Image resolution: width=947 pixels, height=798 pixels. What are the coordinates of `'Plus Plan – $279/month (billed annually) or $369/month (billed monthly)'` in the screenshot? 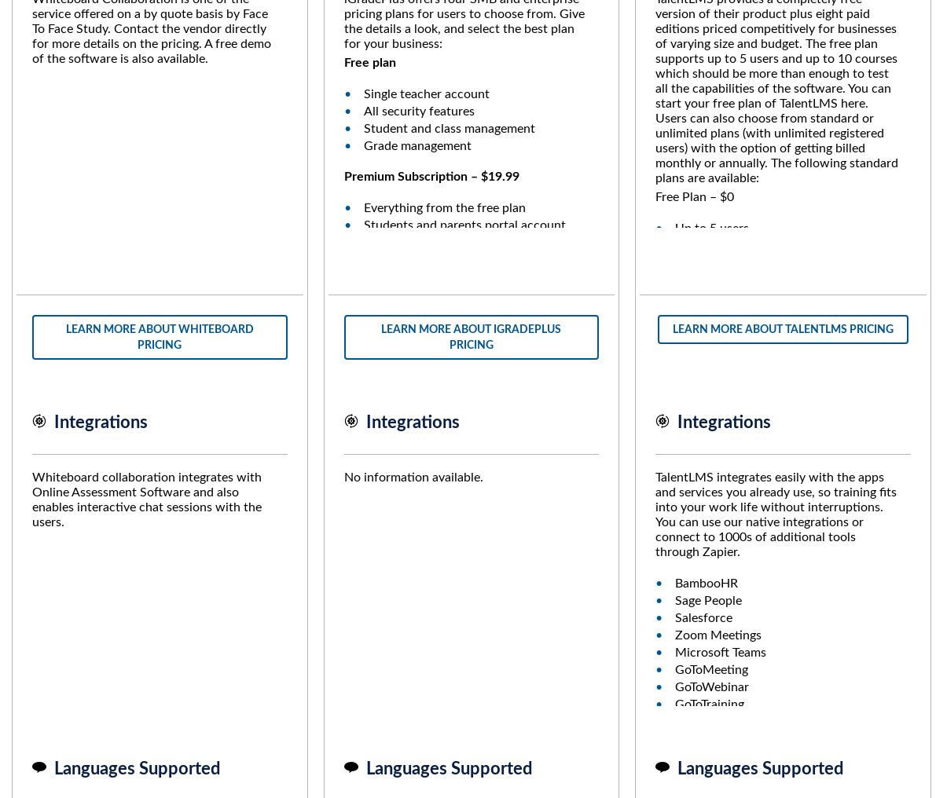 It's located at (774, 523).